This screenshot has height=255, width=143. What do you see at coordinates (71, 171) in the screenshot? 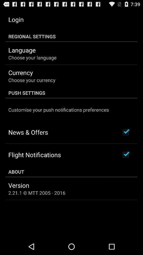
I see `the about item` at bounding box center [71, 171].